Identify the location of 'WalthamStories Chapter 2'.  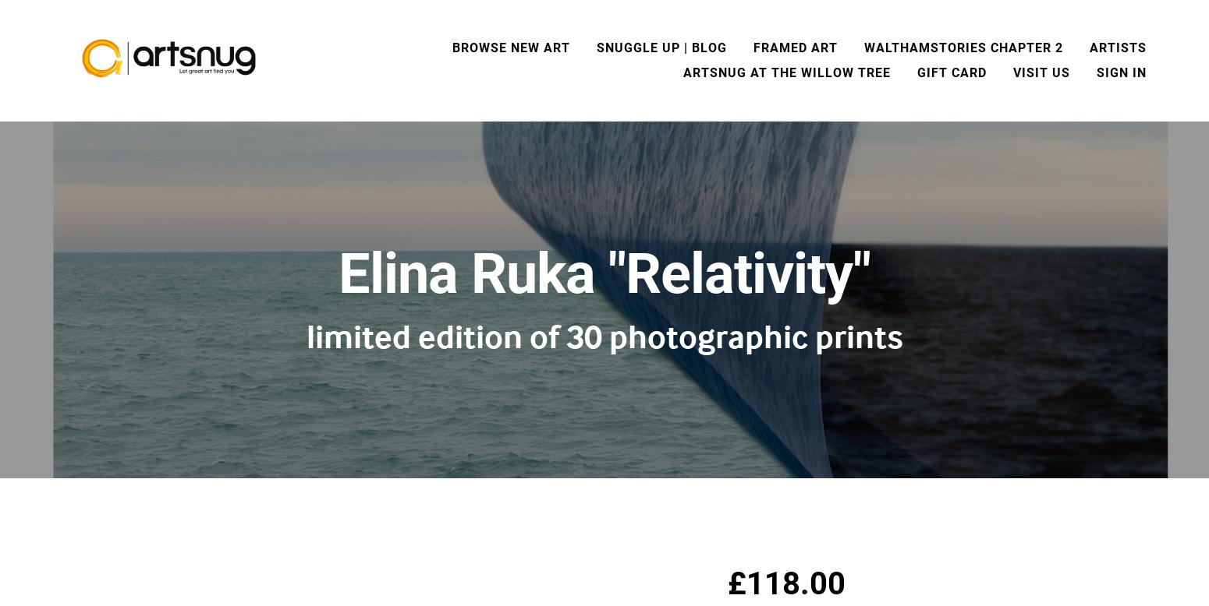
(963, 48).